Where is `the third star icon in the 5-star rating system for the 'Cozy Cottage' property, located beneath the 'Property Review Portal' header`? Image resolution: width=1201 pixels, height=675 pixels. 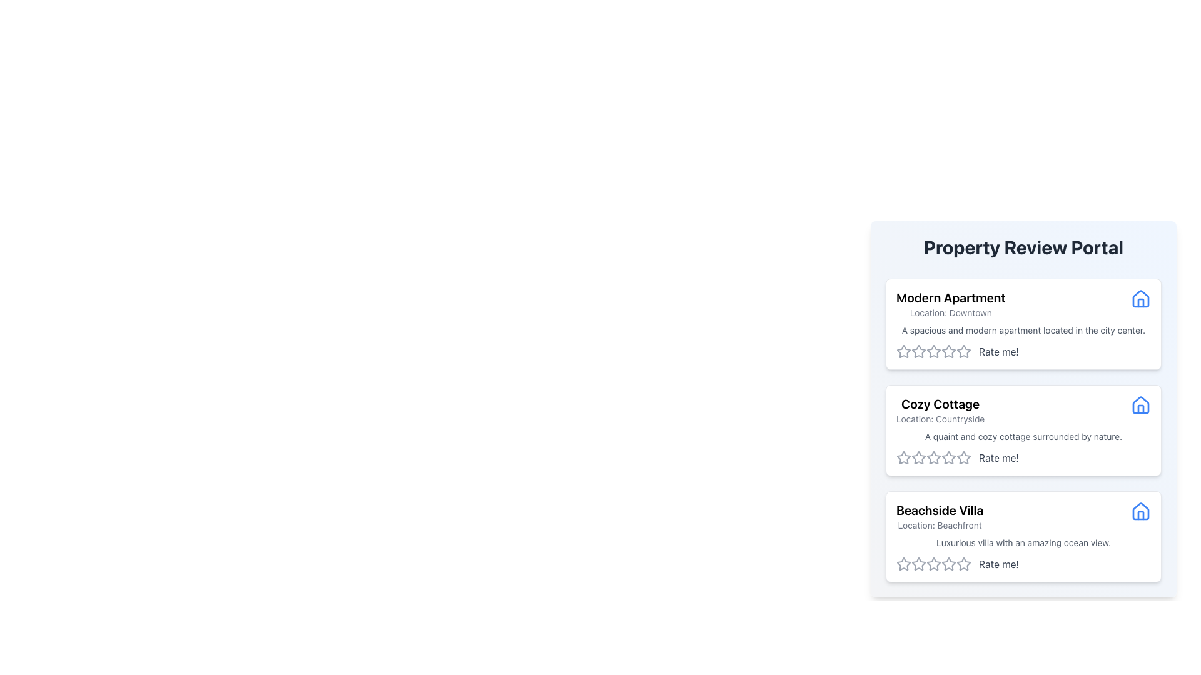 the third star icon in the 5-star rating system for the 'Cozy Cottage' property, located beneath the 'Property Review Portal' header is located at coordinates (948, 457).